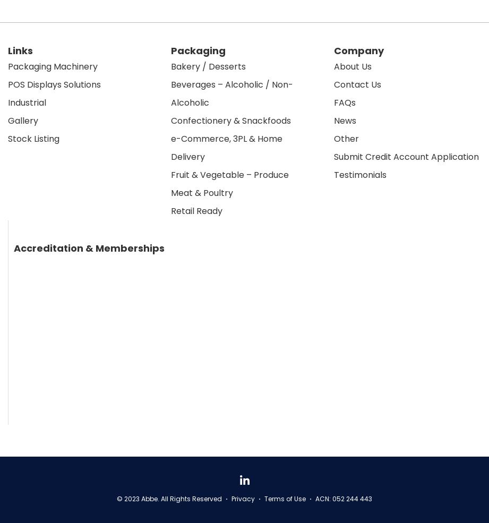 The image size is (489, 523). What do you see at coordinates (208, 66) in the screenshot?
I see `'Bakery / Desserts'` at bounding box center [208, 66].